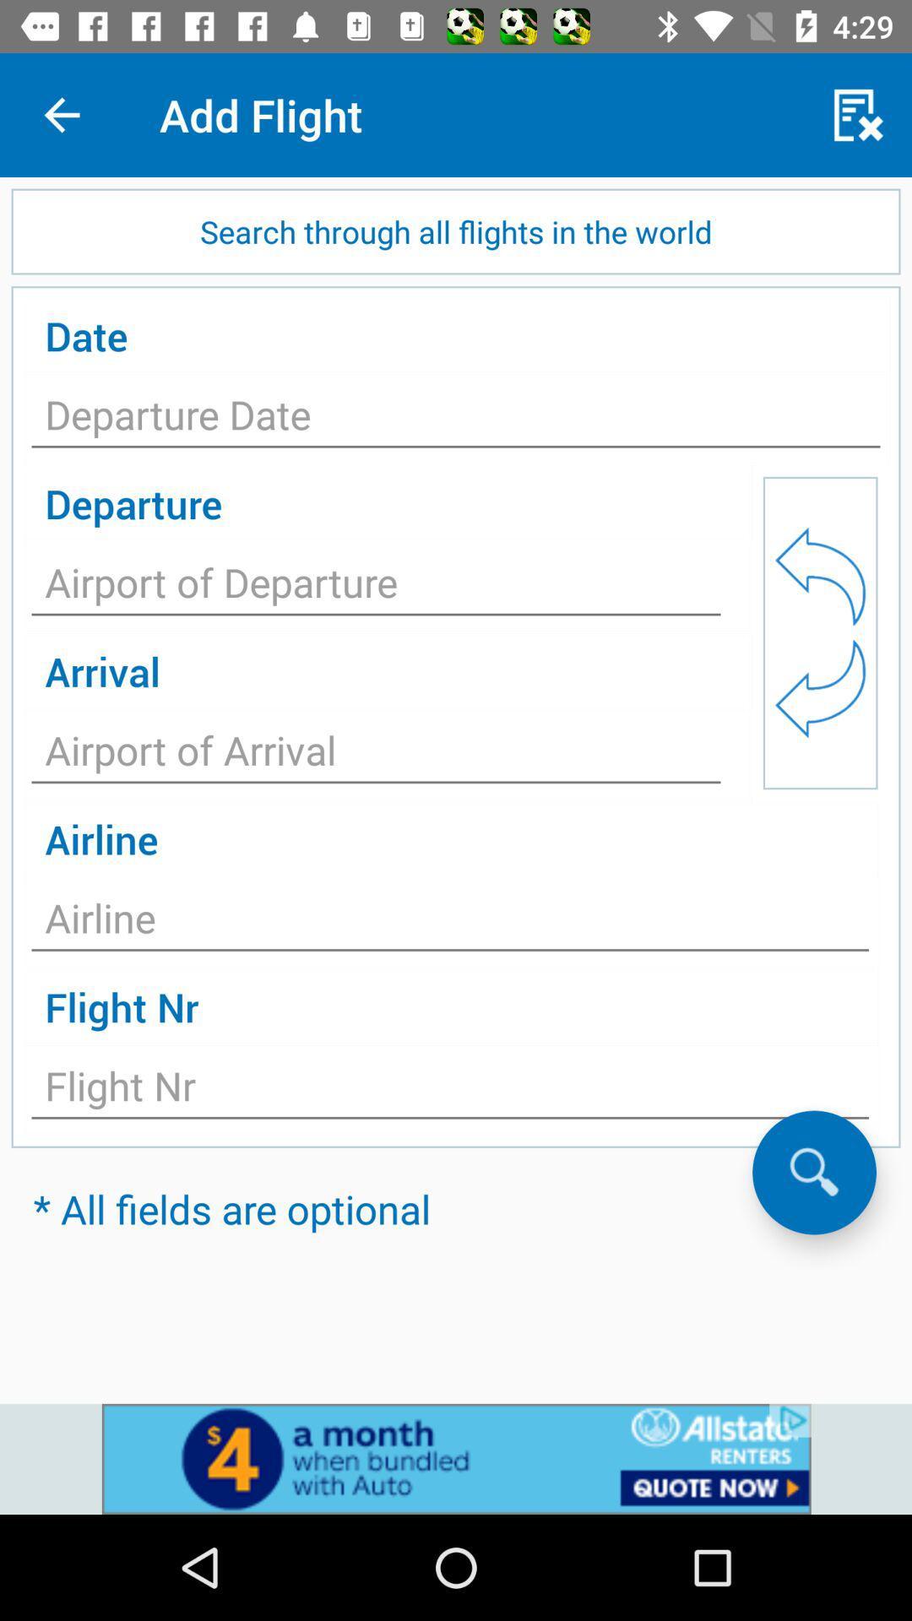 This screenshot has width=912, height=1621. I want to click on date button, so click(456, 420).